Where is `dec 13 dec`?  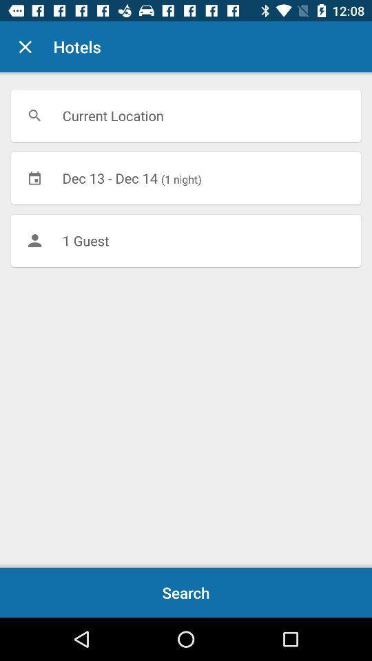
dec 13 dec is located at coordinates (186, 177).